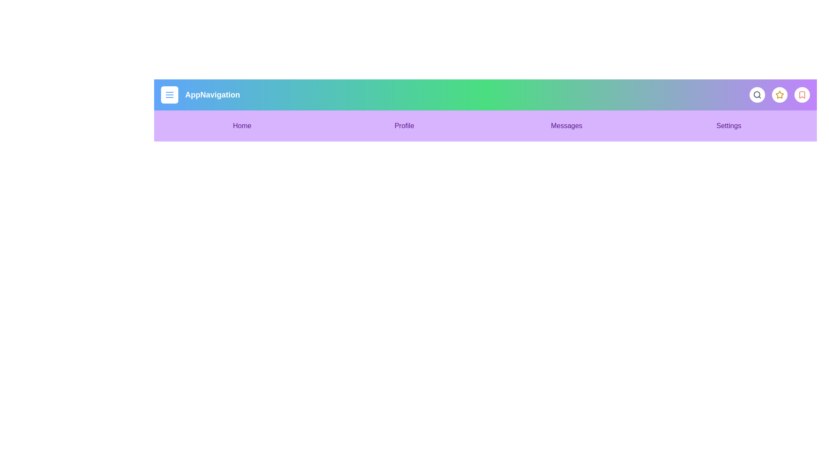 This screenshot has width=829, height=466. What do you see at coordinates (404, 126) in the screenshot?
I see `the menu item Profile to navigate to the corresponding section` at bounding box center [404, 126].